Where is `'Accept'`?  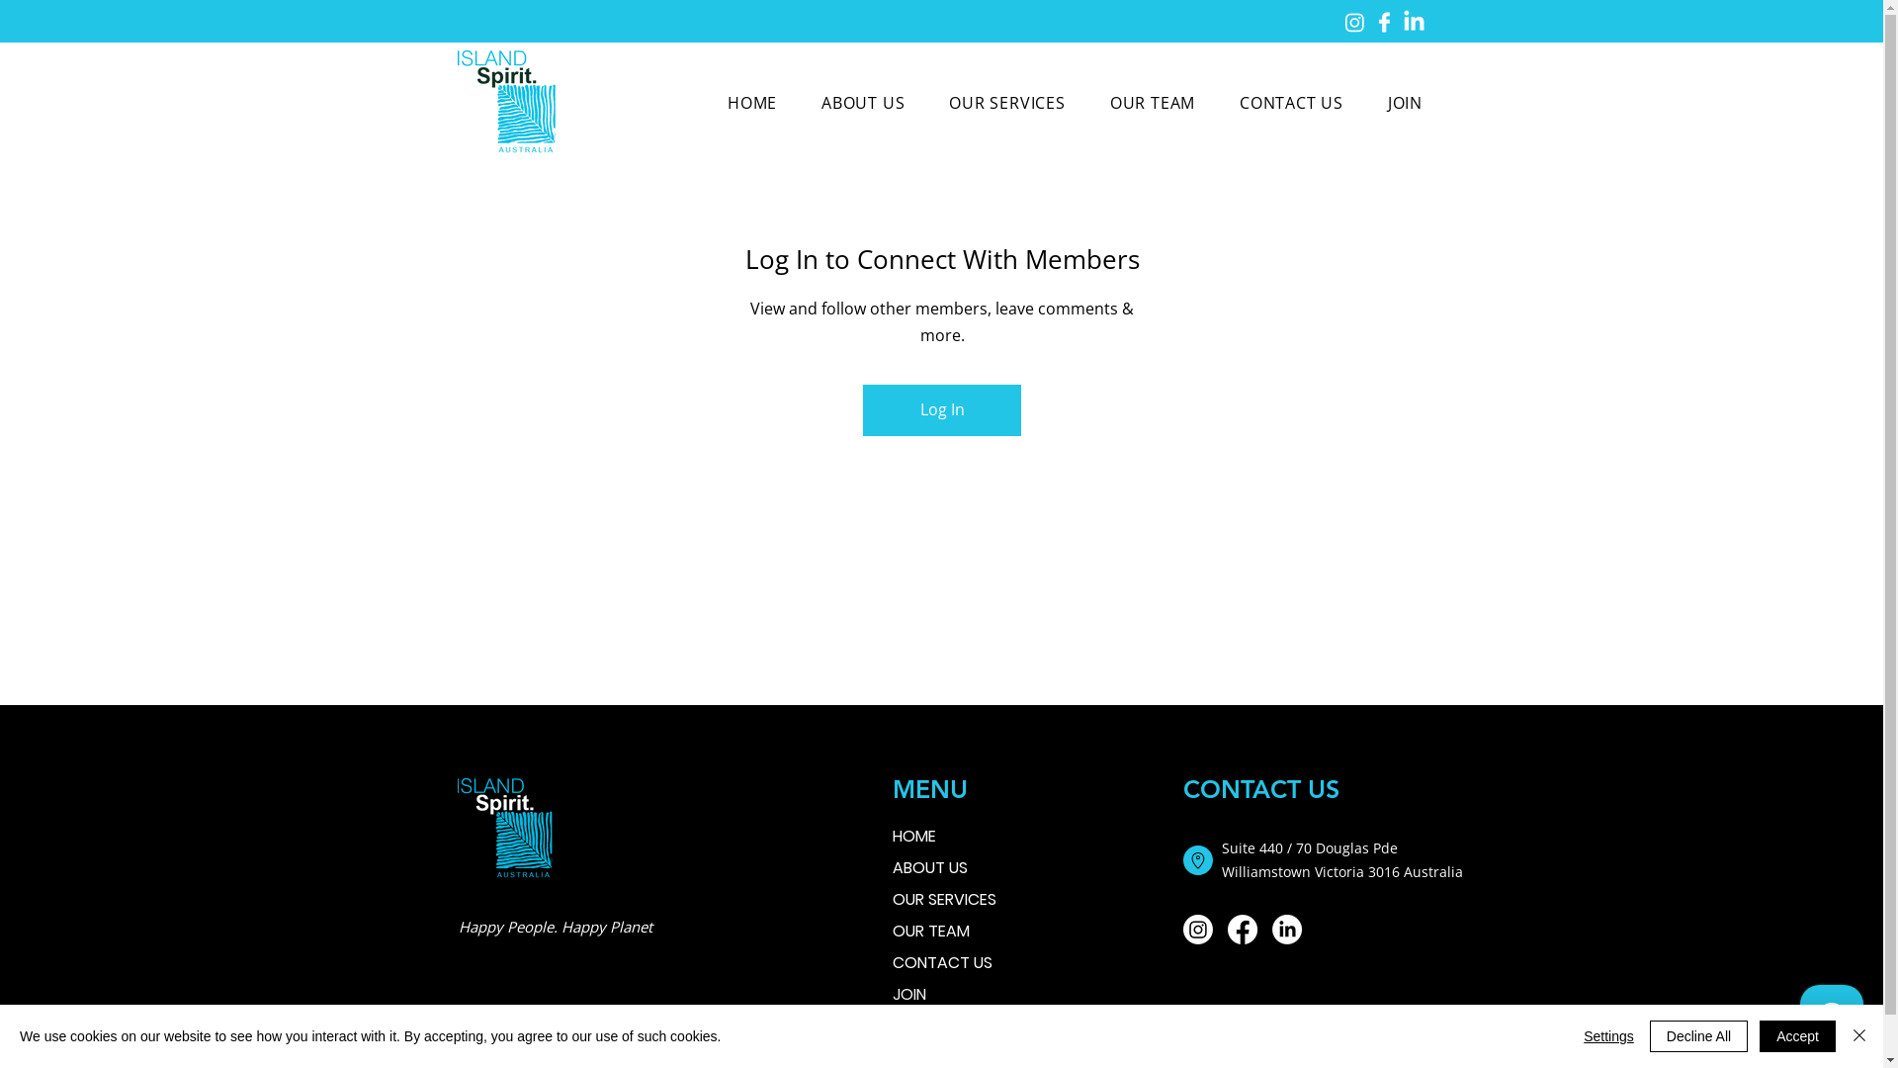
'Accept' is located at coordinates (1797, 1035).